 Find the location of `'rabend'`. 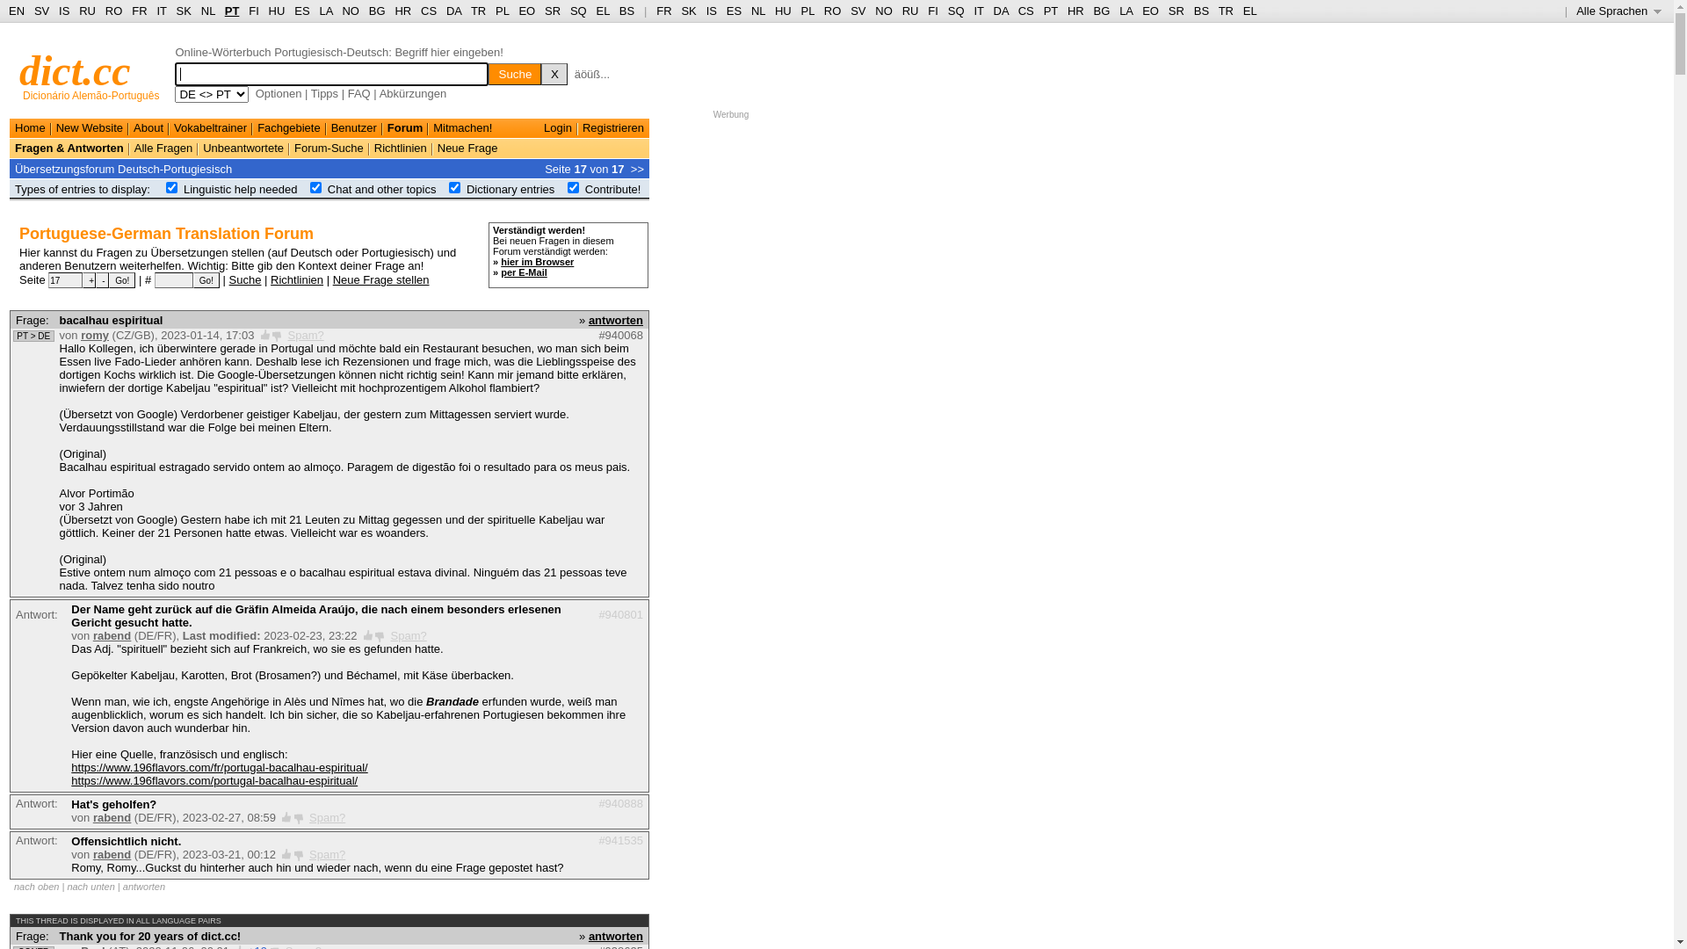

'rabend' is located at coordinates (91, 817).